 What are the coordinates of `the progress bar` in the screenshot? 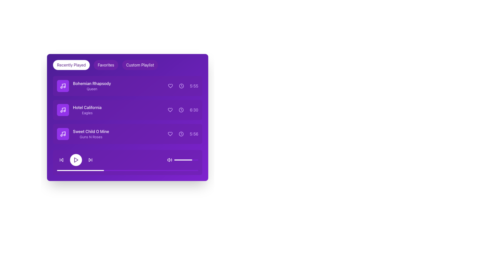 It's located at (88, 170).